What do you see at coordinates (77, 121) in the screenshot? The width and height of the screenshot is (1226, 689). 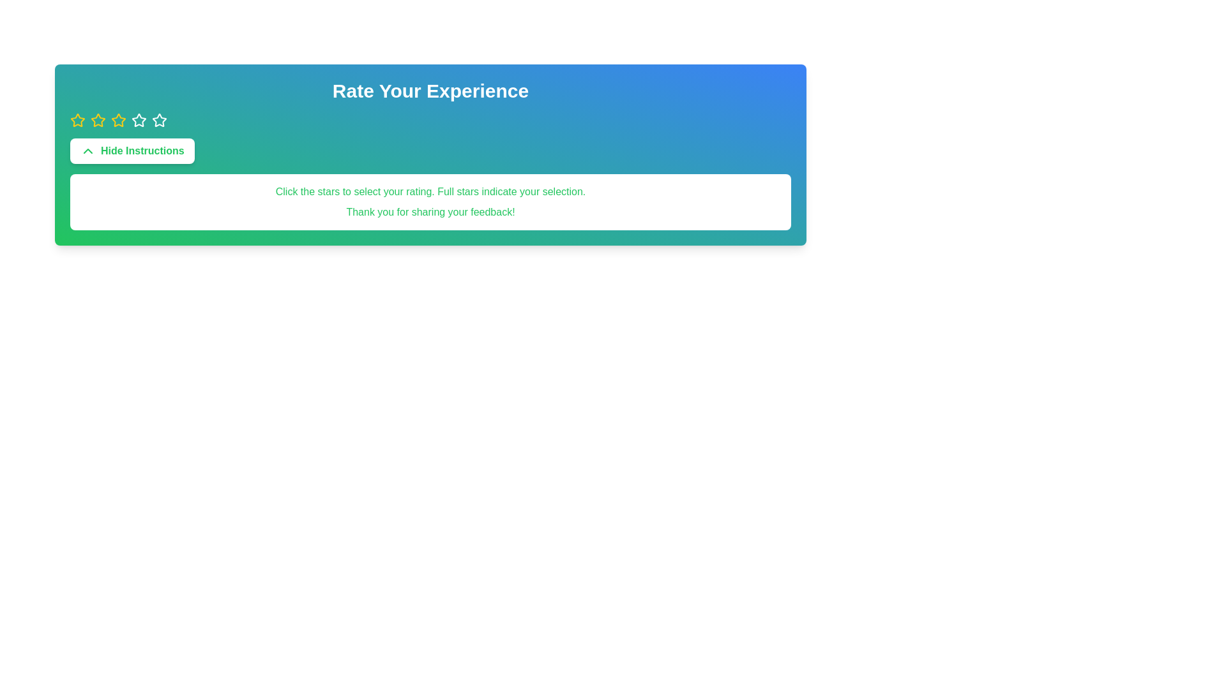 I see `the interactive star-shaped icon with a hollow center and yellow border, which is the first item in a row of five star icons located at the top-left corner of the card-like area` at bounding box center [77, 121].